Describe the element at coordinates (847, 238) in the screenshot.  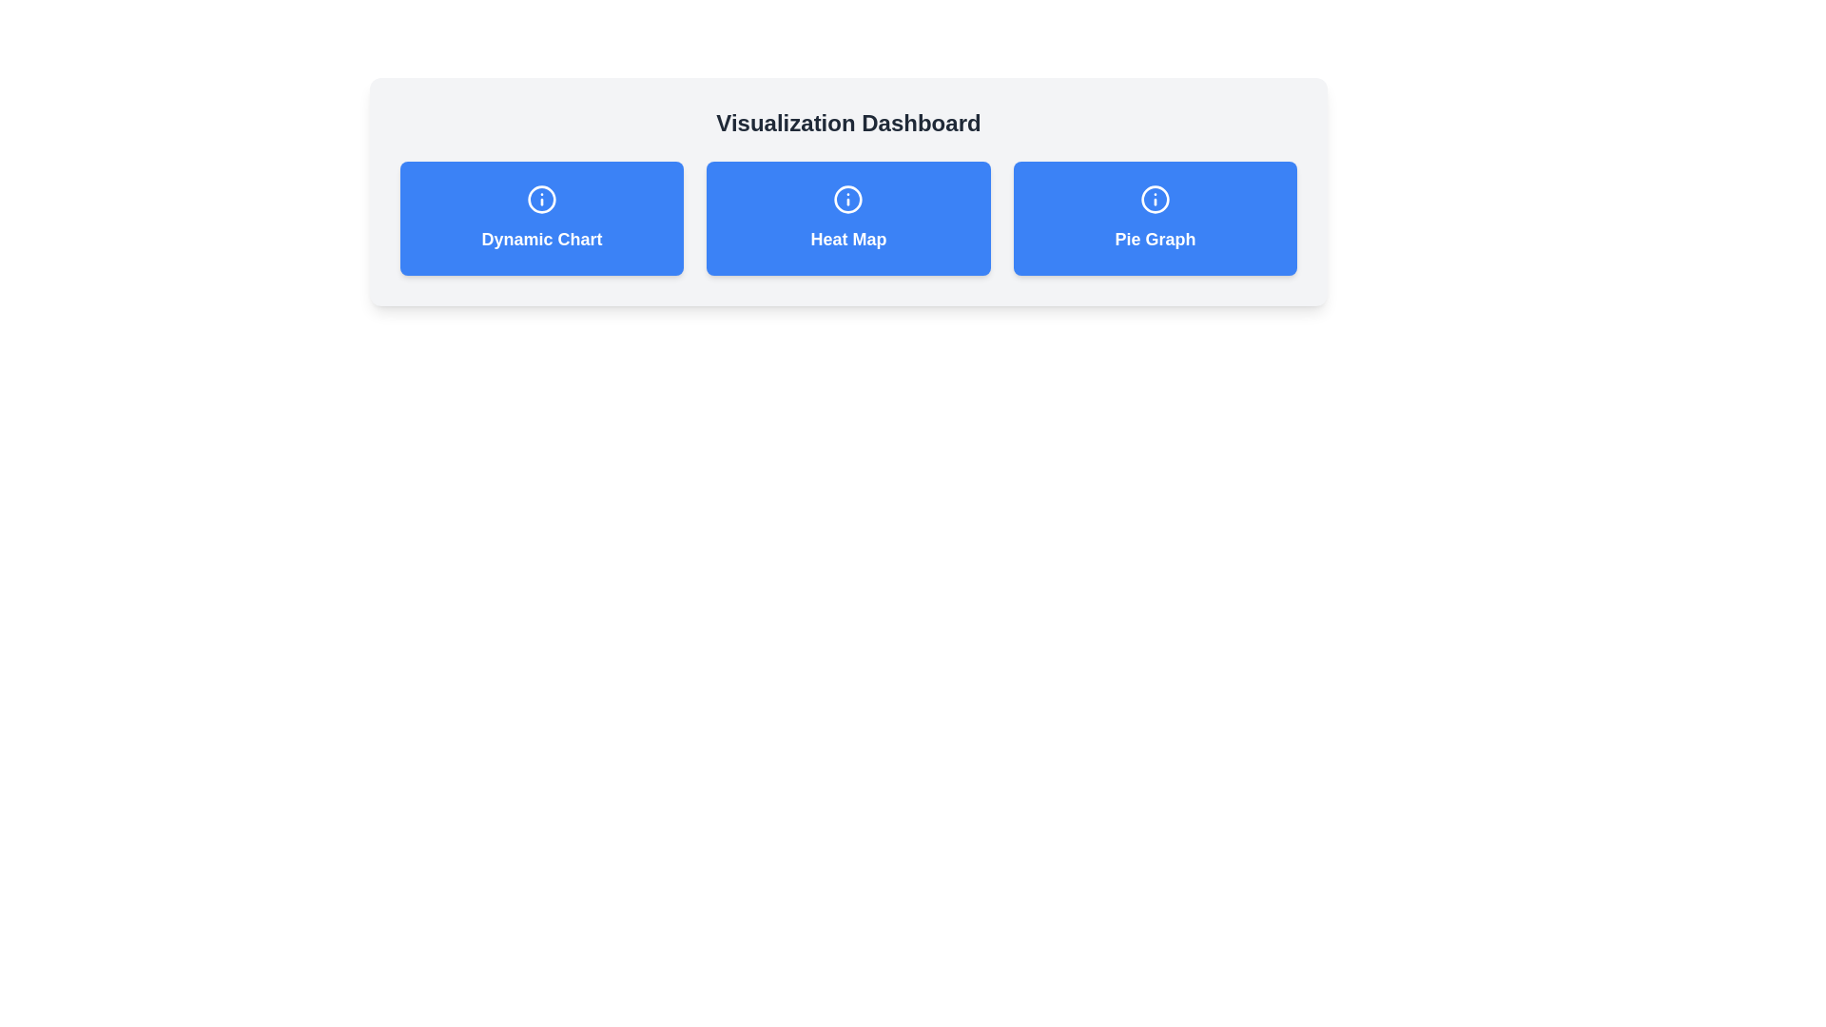
I see `text label 'Heat Map' which is displayed centrally in a medium-sized, bold font inside a blue rectangular button with rounded edges` at that location.